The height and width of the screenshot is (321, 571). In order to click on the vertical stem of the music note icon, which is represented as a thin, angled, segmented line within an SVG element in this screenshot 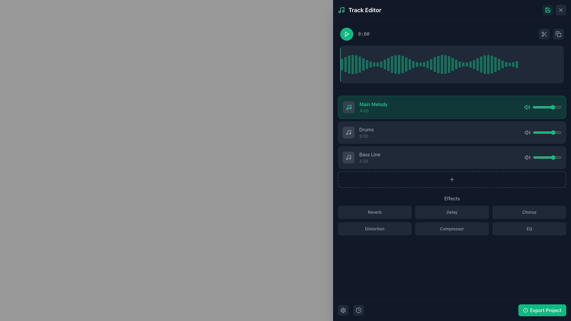, I will do `click(349, 106)`.